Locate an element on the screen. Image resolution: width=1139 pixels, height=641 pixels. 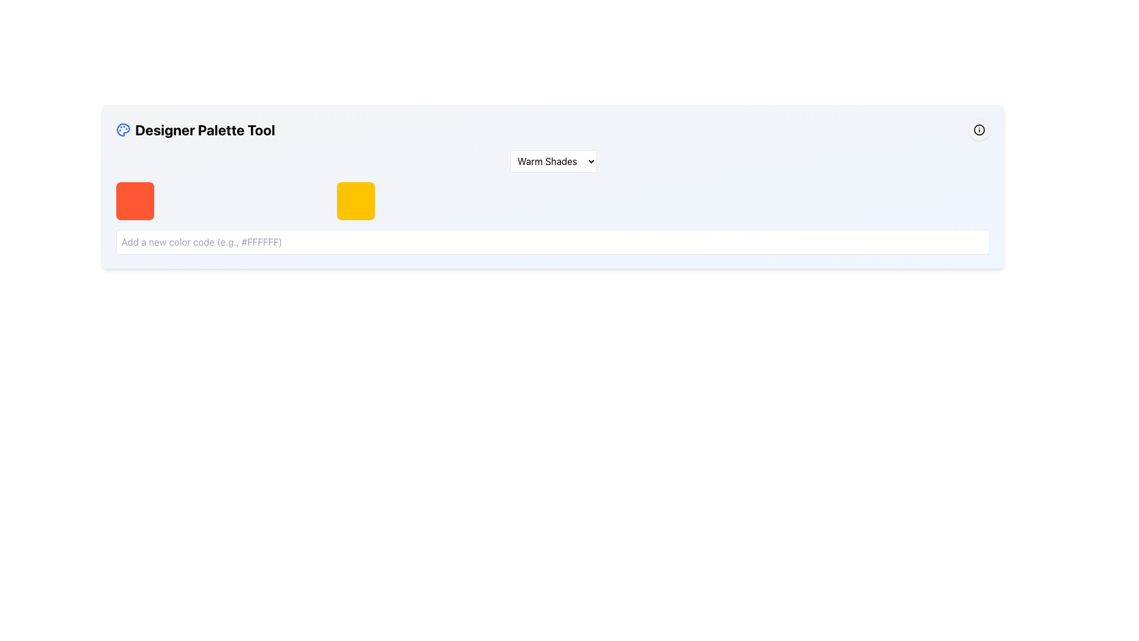
the blue outline style palette icon located at the top left corner of the interface, preceding the text 'Designer Palette Tool' is located at coordinates (123, 130).